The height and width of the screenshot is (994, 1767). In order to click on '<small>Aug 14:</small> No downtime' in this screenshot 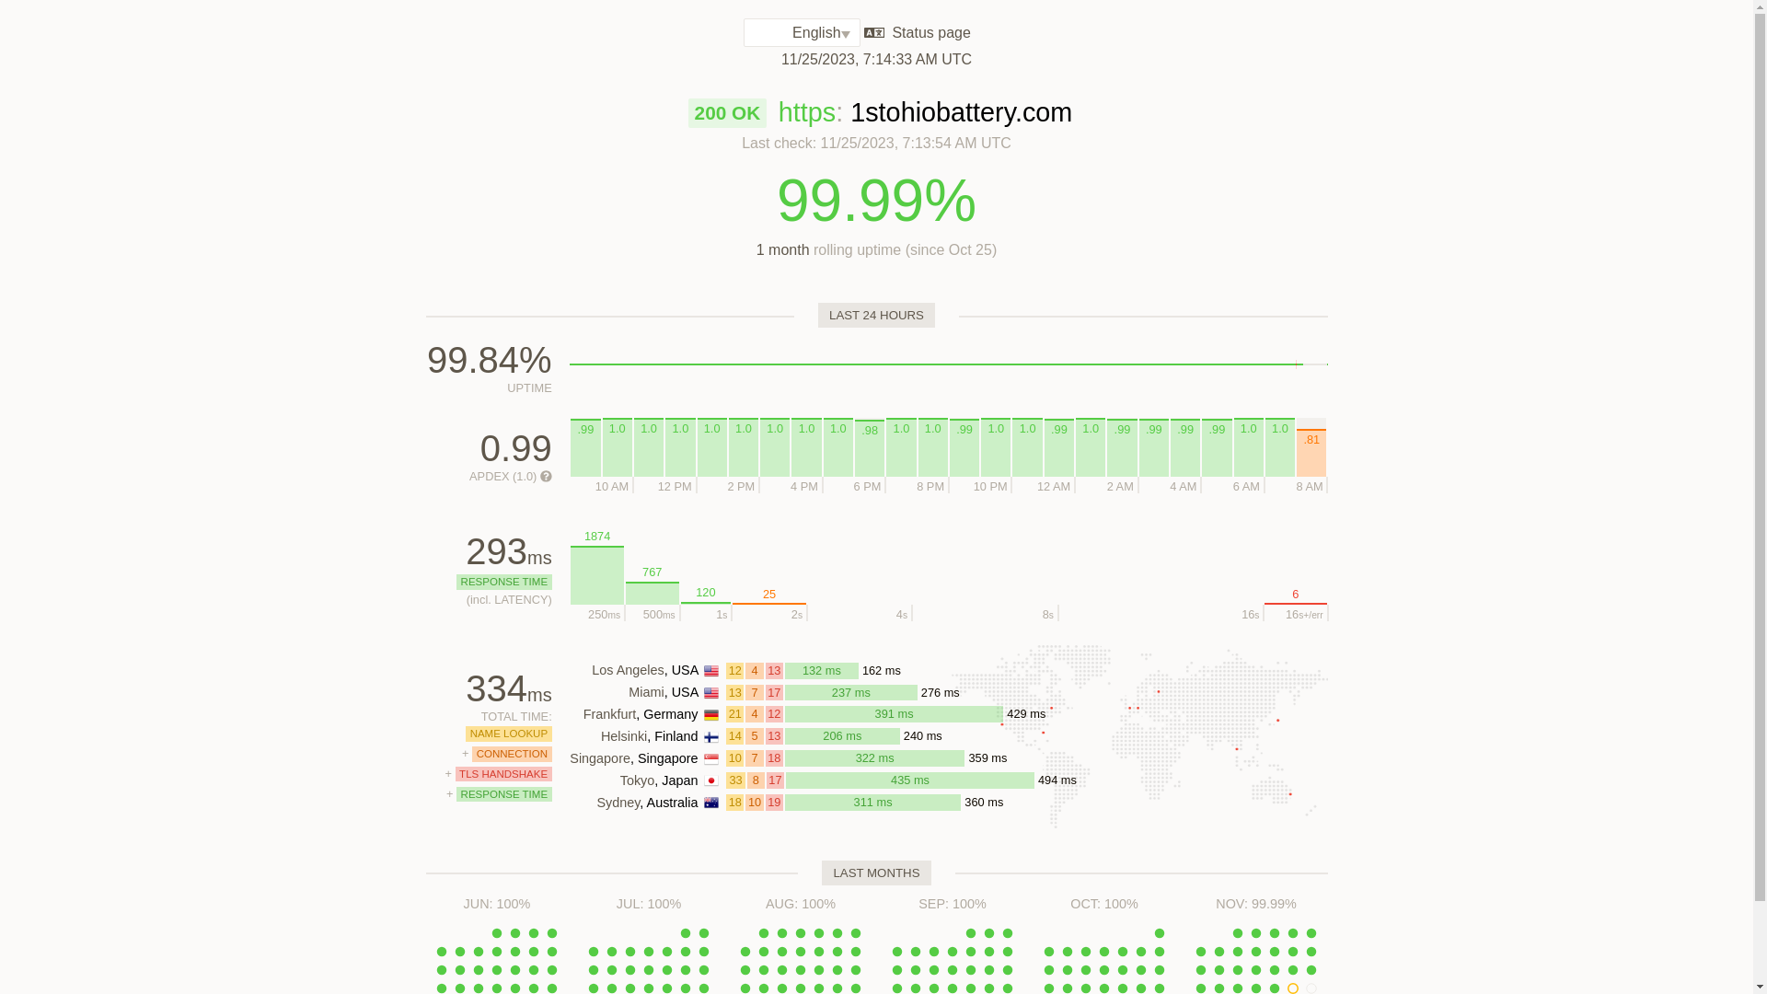, I will do `click(736, 968)`.